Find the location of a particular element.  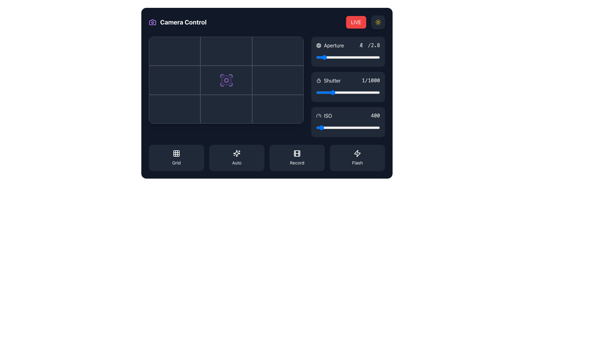

the grid icon that visualizes the 'Grid' functionality, located in the bottom left of the interface is located at coordinates (176, 153).